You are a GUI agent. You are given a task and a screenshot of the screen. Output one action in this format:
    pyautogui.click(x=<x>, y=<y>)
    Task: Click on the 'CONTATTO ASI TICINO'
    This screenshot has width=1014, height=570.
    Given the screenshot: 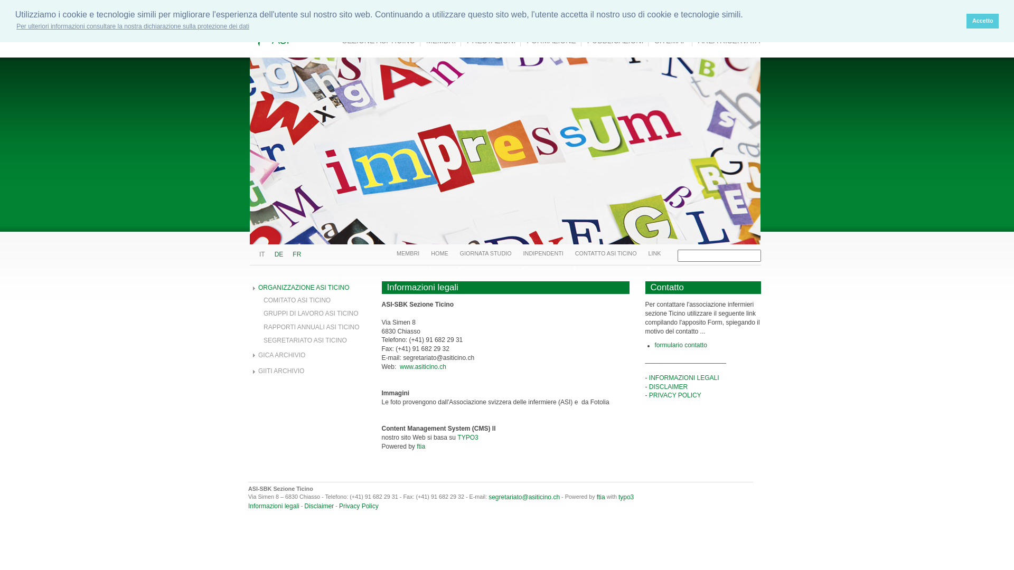 What is the action you would take?
    pyautogui.click(x=575, y=253)
    